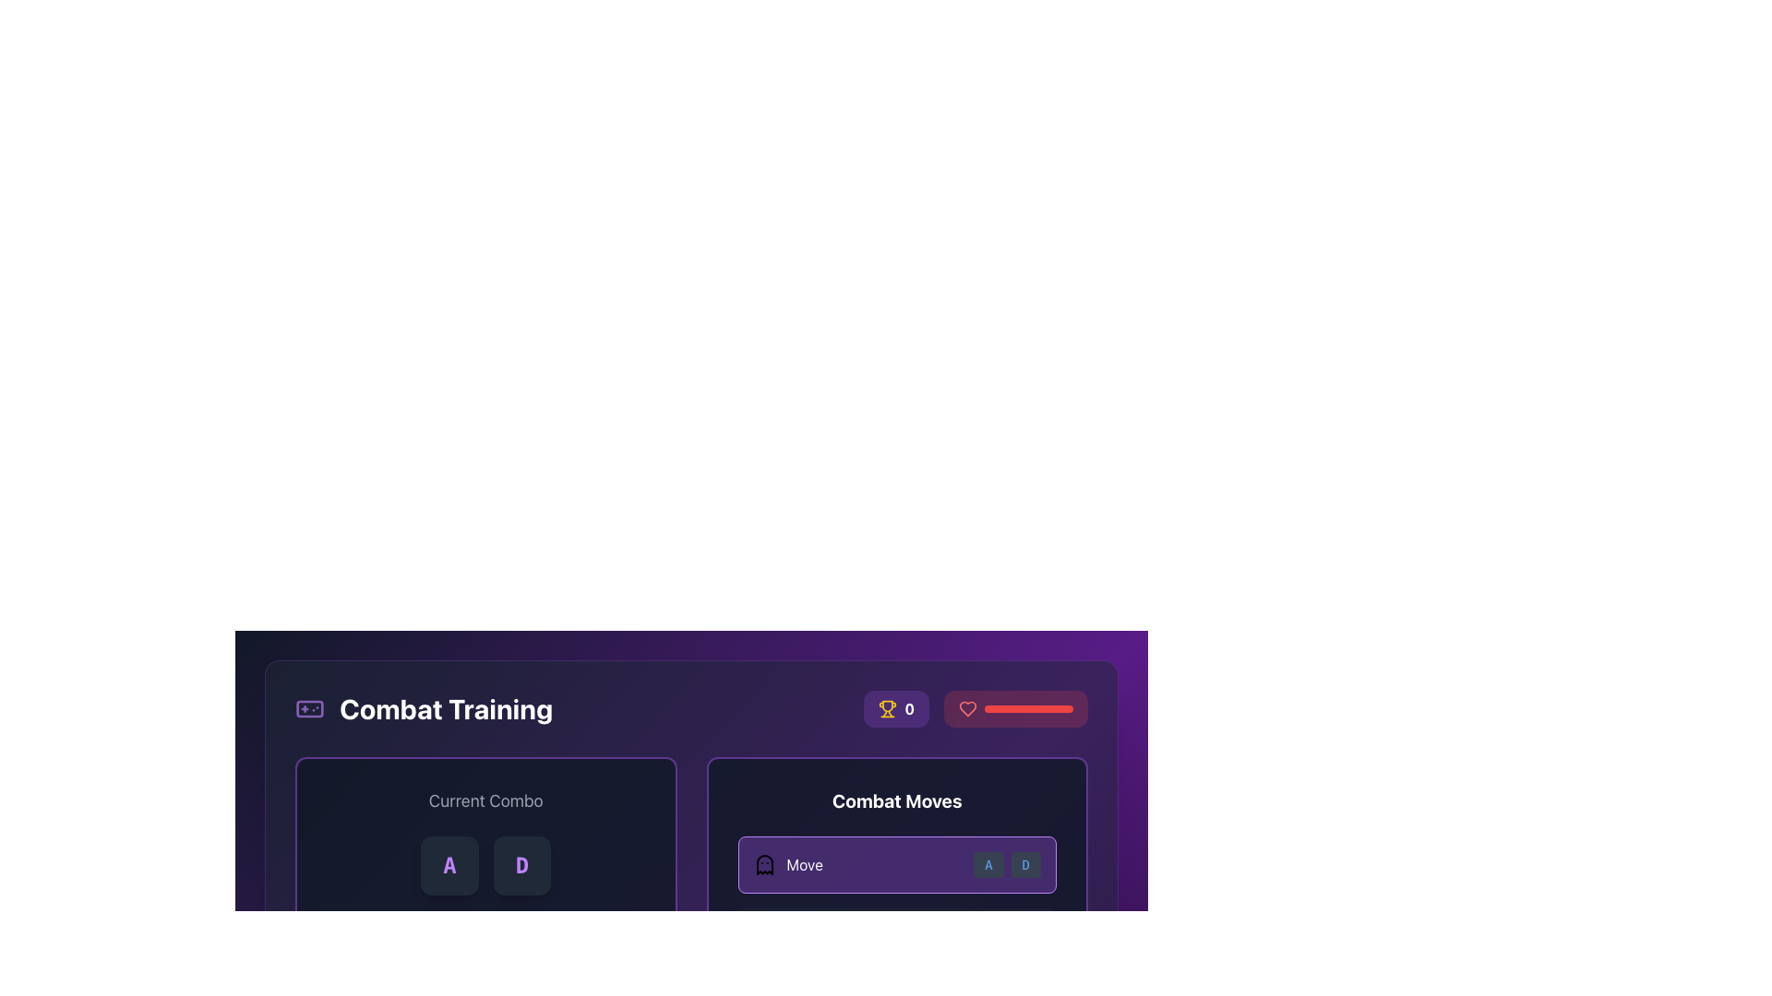  I want to click on the non-interactive text label indicating the title or context for the information in the 'Combat Training' panel, positioned above the buttons labeled 'A' and 'D', so click(485, 800).